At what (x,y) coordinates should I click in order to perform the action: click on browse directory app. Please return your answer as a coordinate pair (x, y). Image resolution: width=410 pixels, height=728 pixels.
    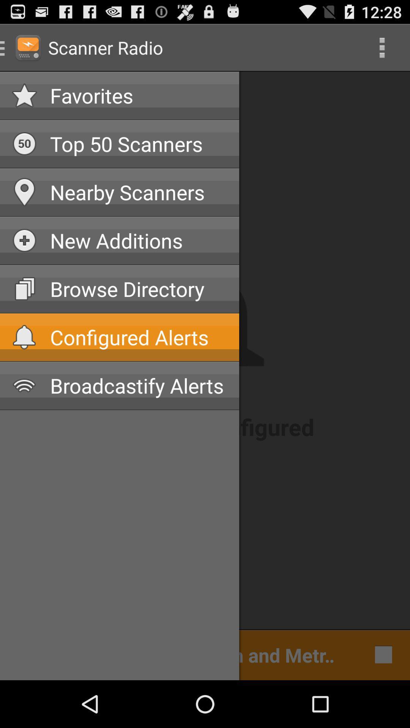
    Looking at the image, I should click on (139, 289).